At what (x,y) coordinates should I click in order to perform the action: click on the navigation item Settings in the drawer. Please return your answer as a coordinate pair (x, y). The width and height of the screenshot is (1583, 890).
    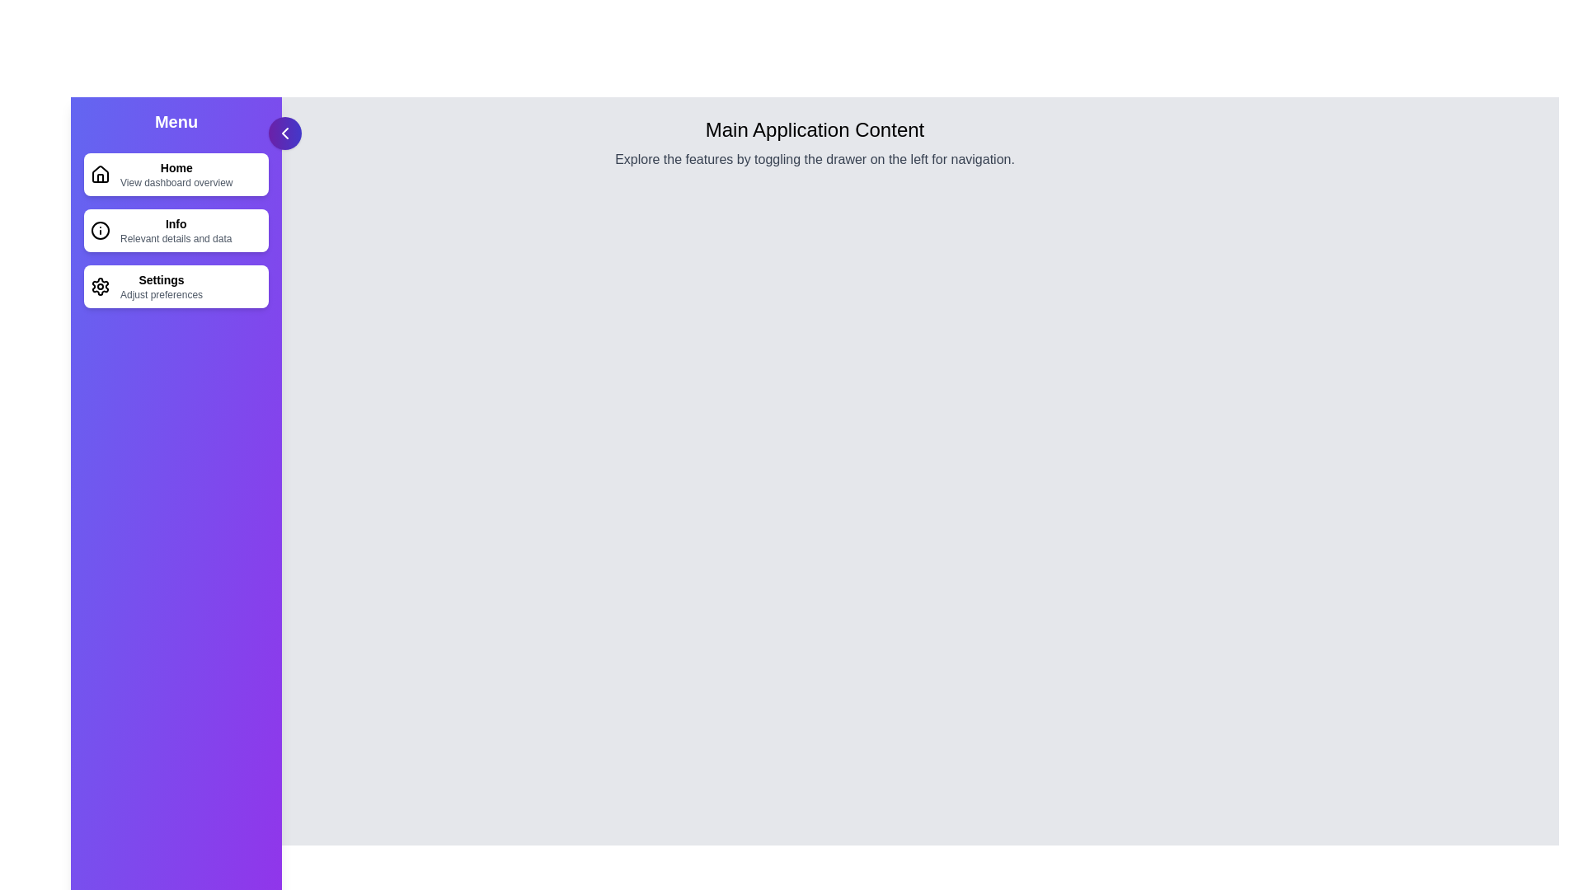
    Looking at the image, I should click on (176, 285).